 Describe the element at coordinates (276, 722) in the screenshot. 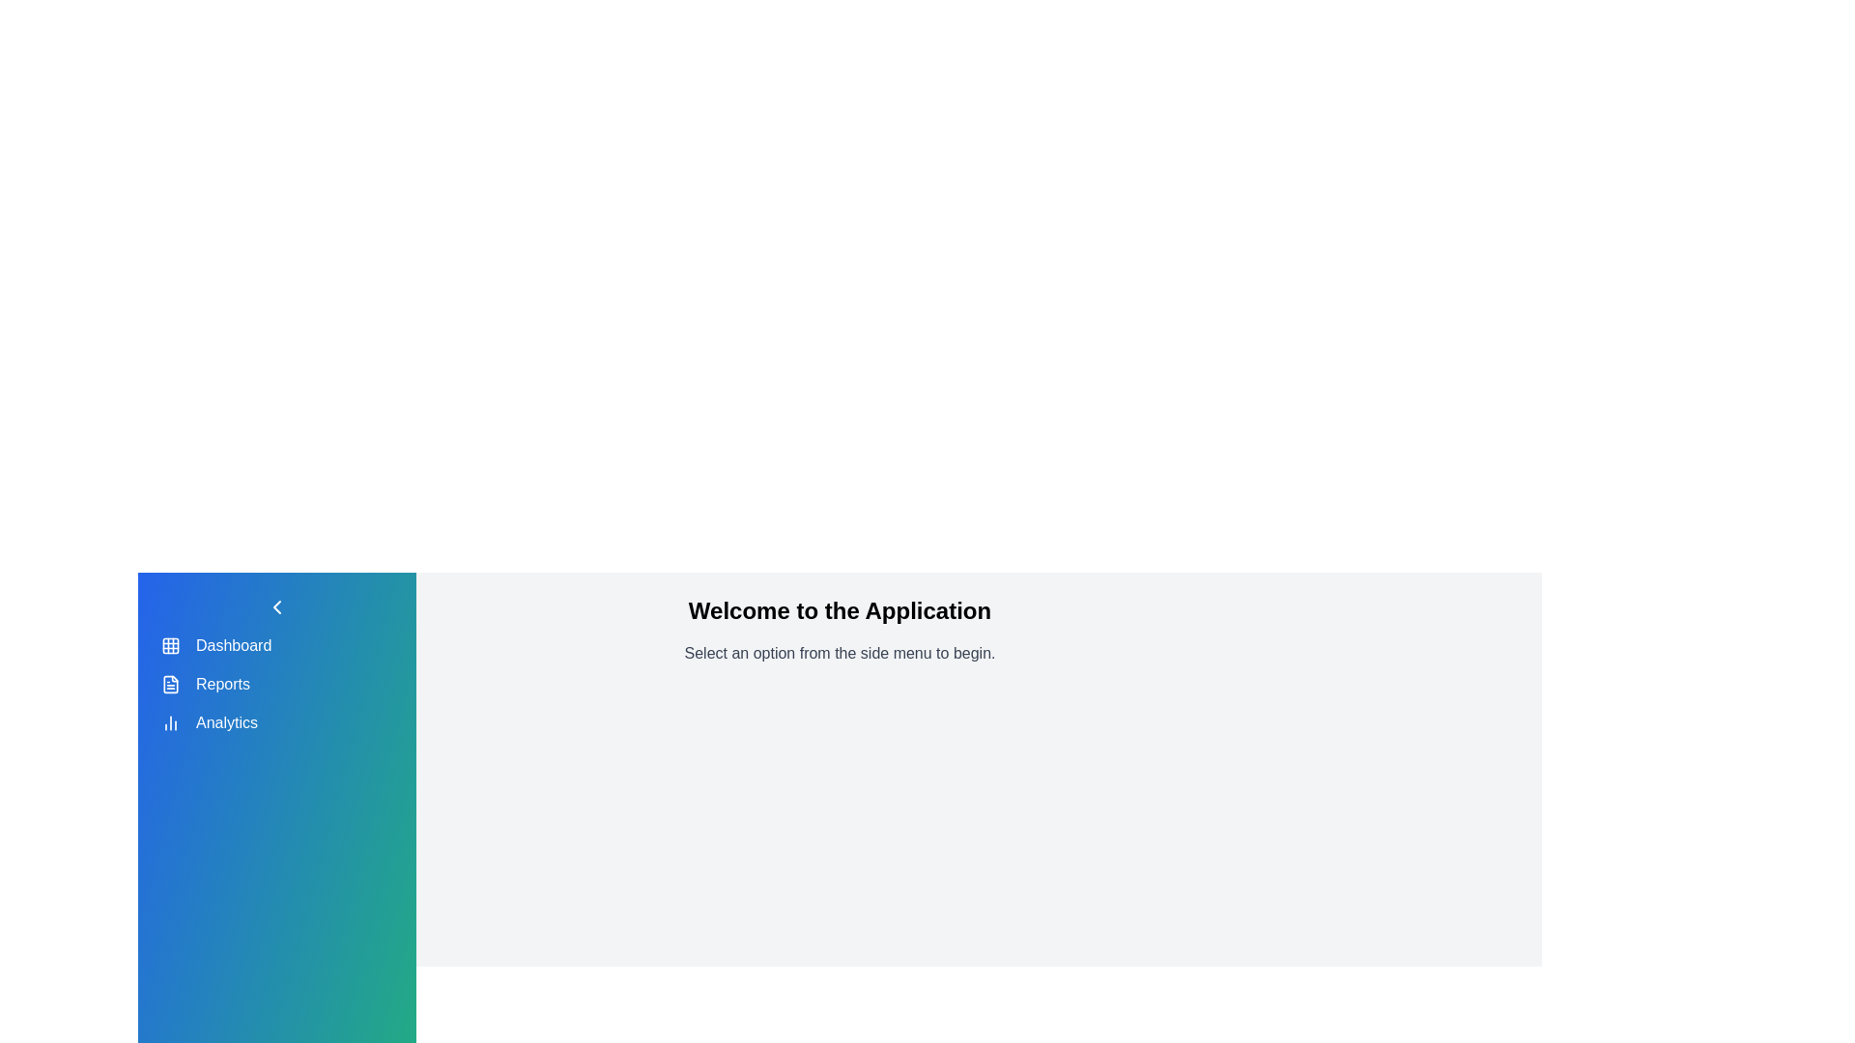

I see `the menu item Analytics from the sidebar` at that location.